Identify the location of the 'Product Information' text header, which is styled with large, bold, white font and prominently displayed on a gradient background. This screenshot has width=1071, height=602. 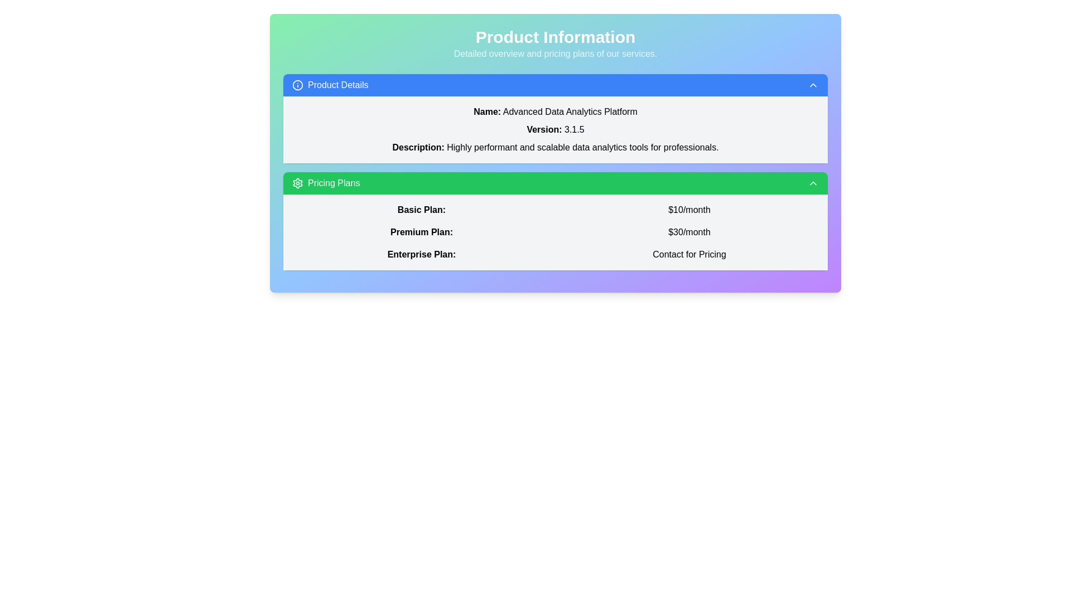
(556, 36).